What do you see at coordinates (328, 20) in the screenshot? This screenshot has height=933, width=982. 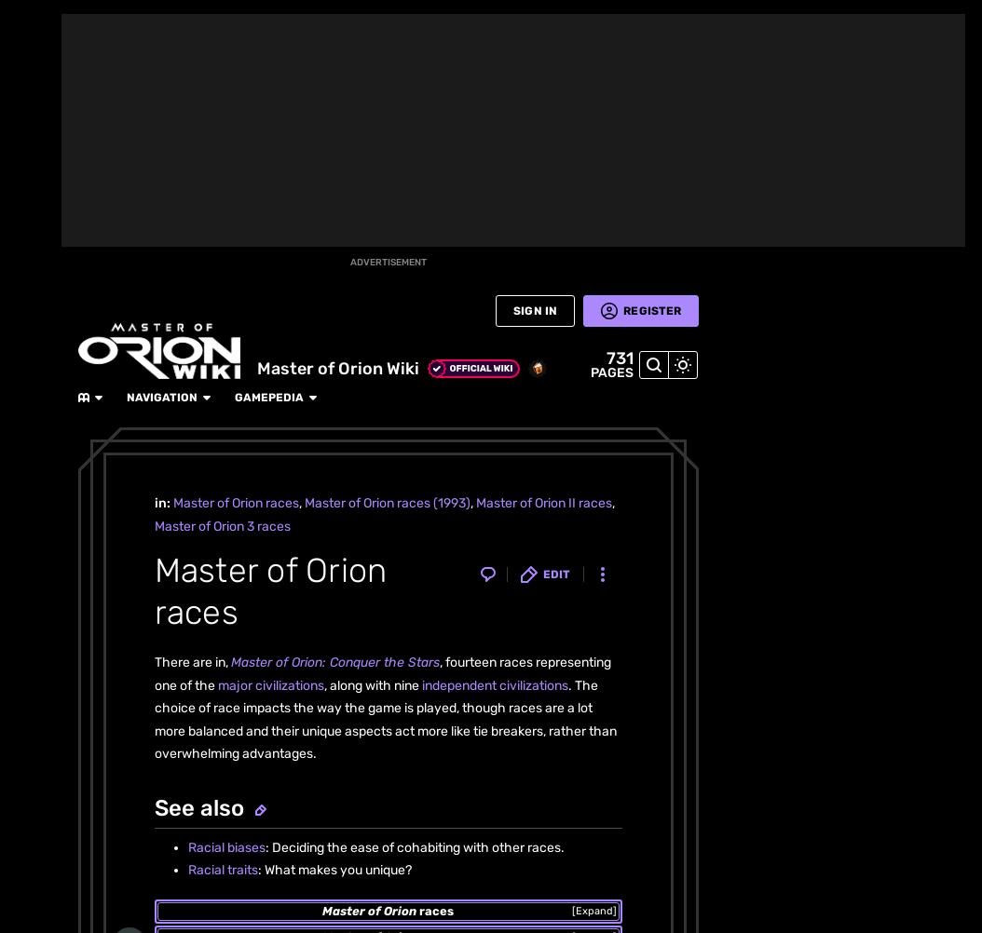 I see `'Gamepedia'` at bounding box center [328, 20].